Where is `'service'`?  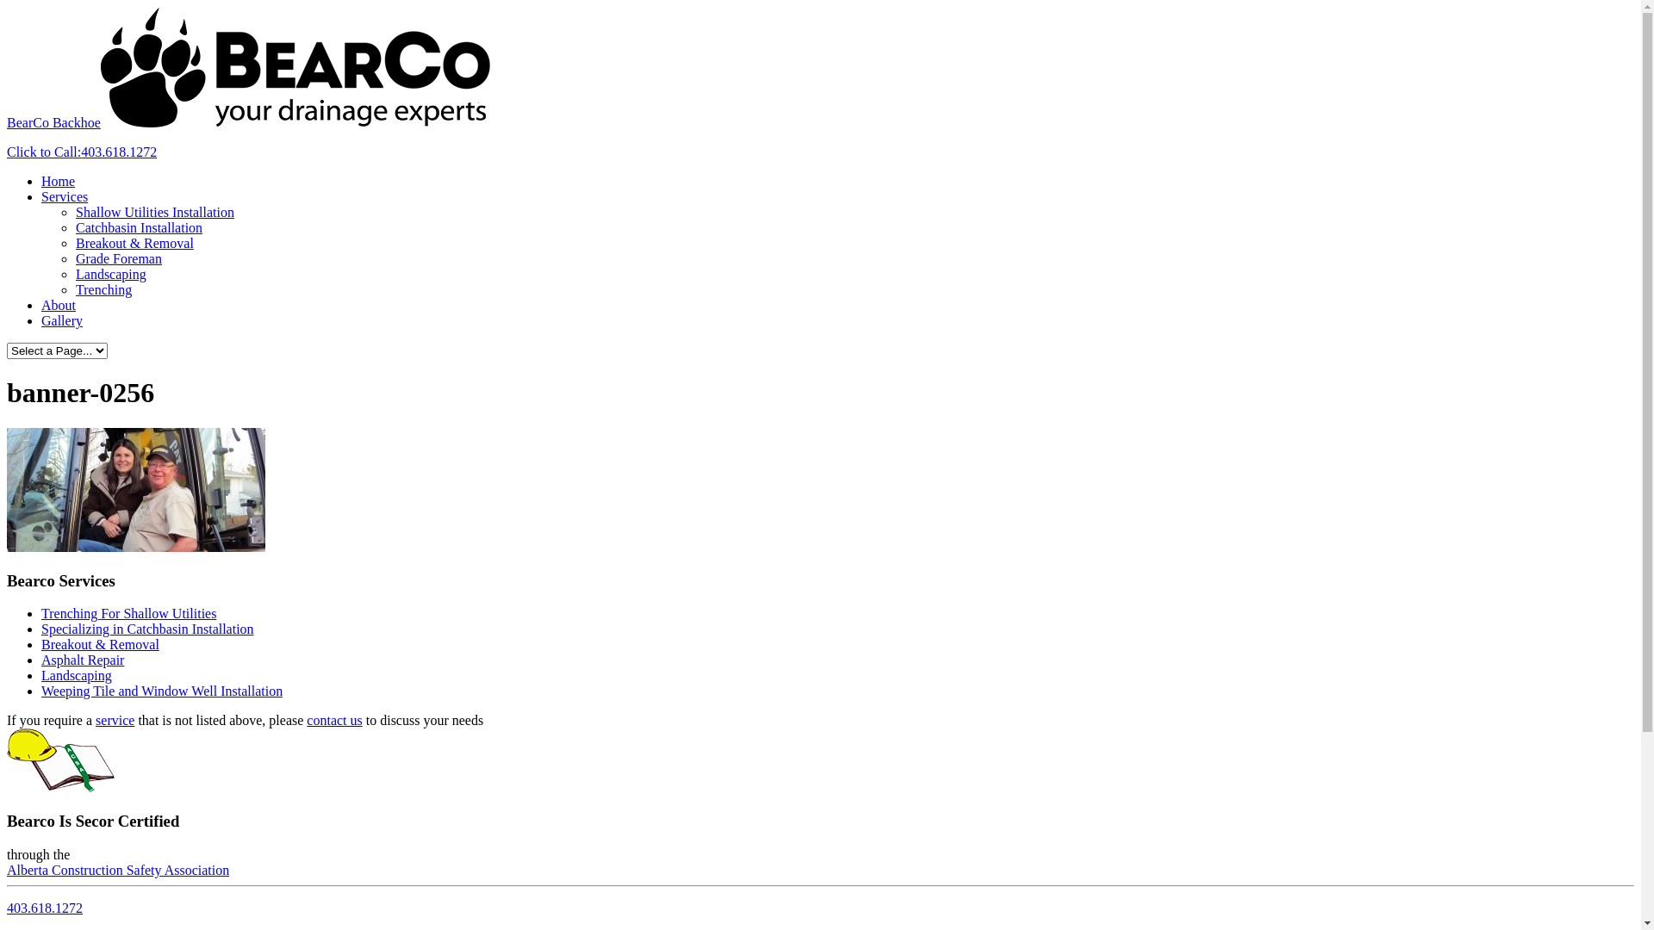 'service' is located at coordinates (114, 720).